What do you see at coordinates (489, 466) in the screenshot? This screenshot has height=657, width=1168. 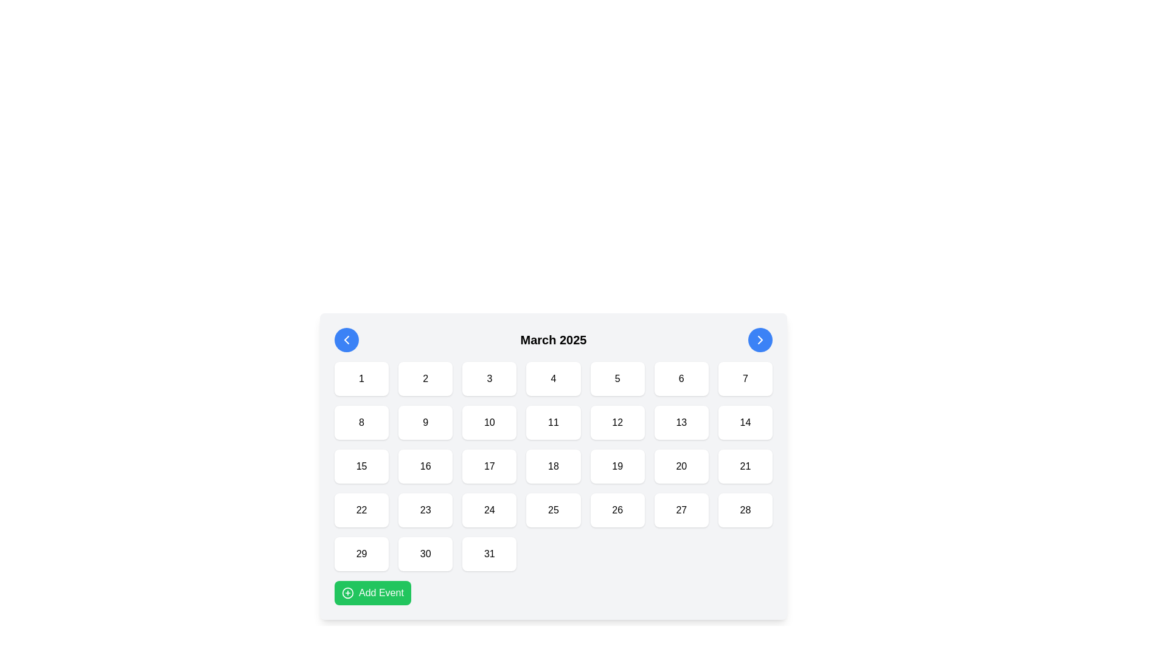 I see `the rectangular button with a white background containing the number '17' in bold black text, located in the third row and third column of the month calendar grid` at bounding box center [489, 466].